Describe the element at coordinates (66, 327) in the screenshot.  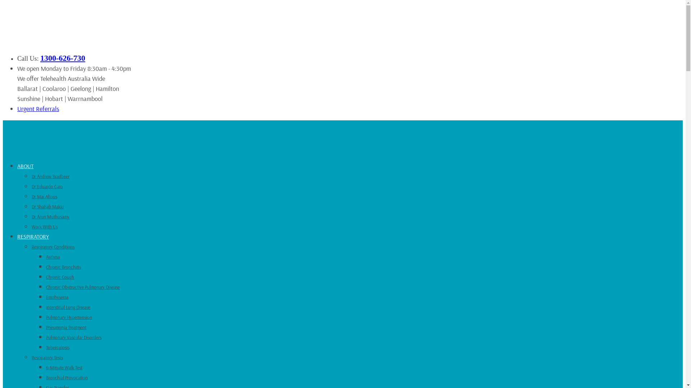
I see `'Pneumonia Treatment'` at that location.